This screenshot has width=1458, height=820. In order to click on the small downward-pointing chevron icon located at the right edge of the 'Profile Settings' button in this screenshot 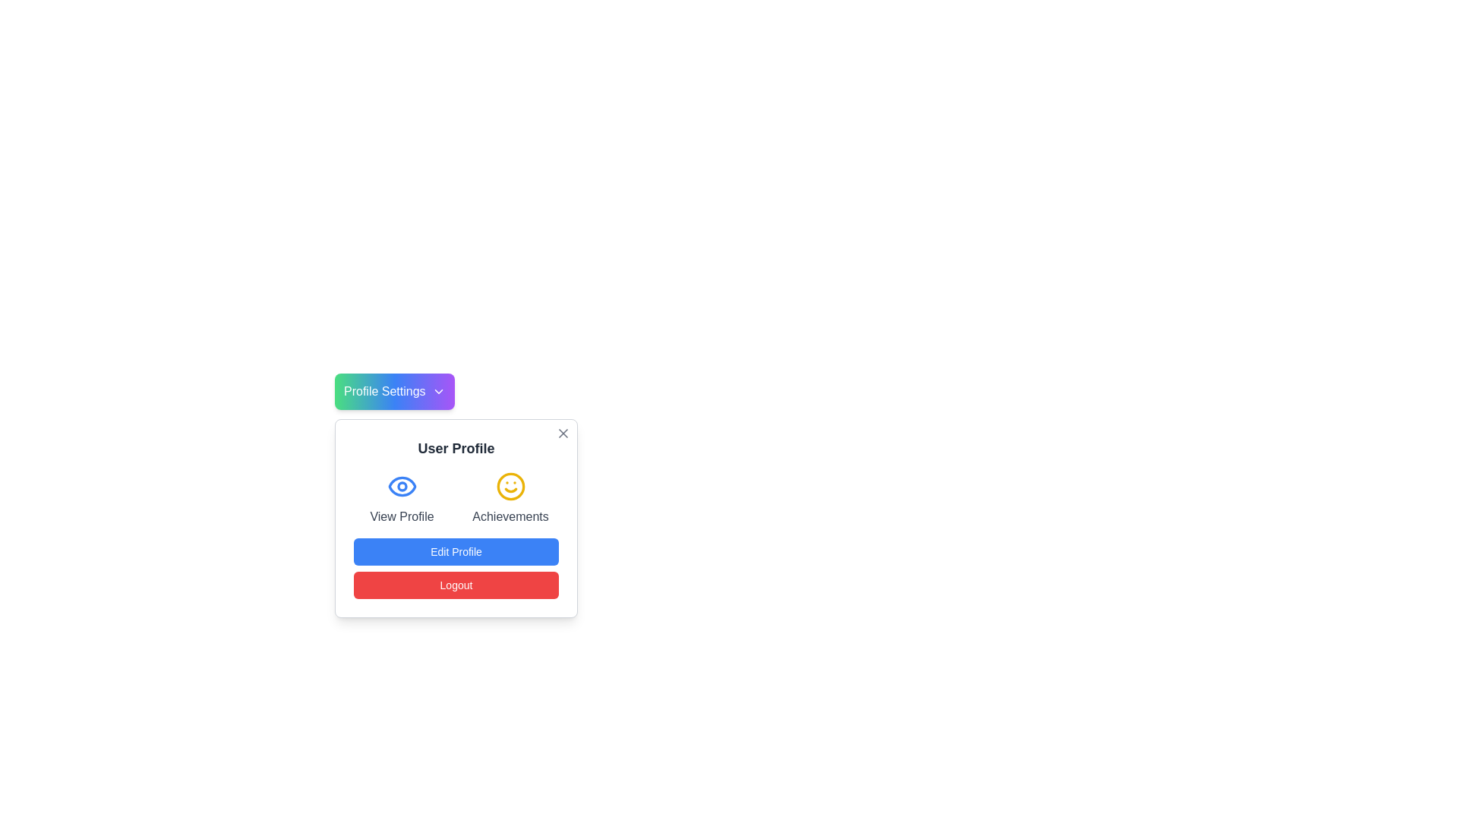, I will do `click(437, 391)`.